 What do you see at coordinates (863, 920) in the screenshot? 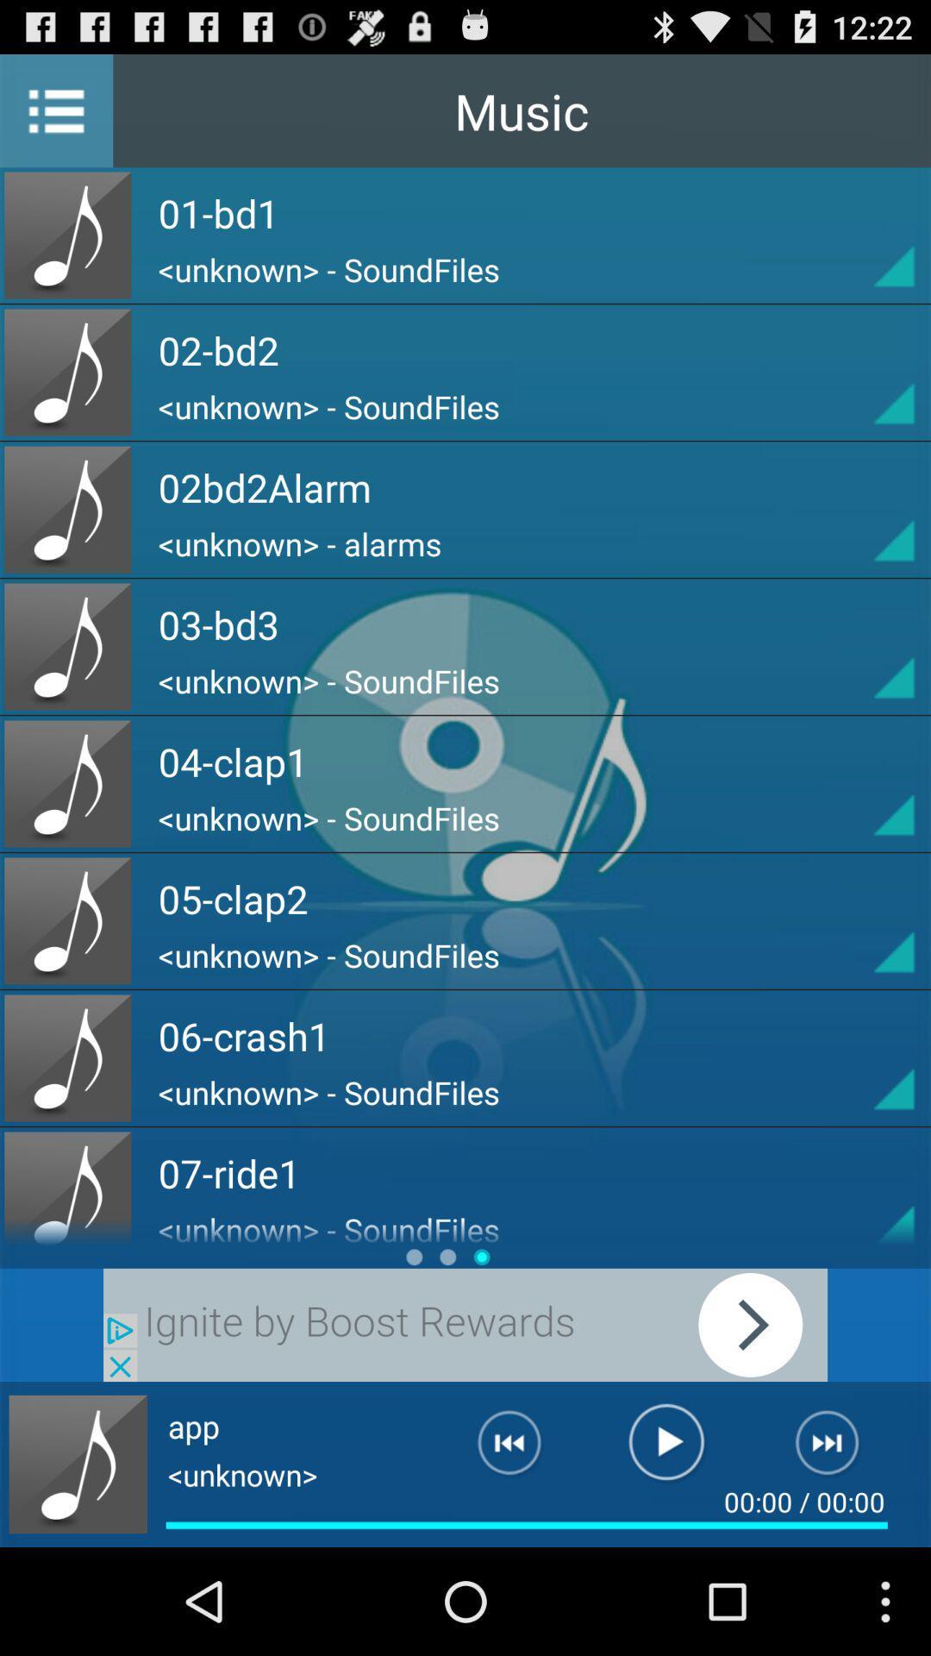
I see `song setting option` at bounding box center [863, 920].